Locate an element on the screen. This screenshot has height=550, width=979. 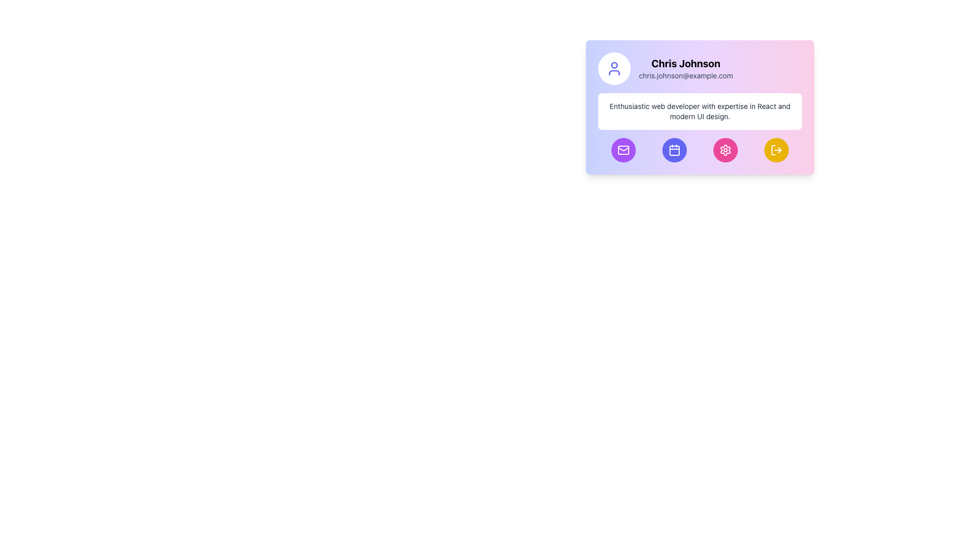
the text label displaying 'Enthusiastic web developer with expertise in React and modern UI design.' located beneath the header 'Chris Johnson' is located at coordinates (699, 112).